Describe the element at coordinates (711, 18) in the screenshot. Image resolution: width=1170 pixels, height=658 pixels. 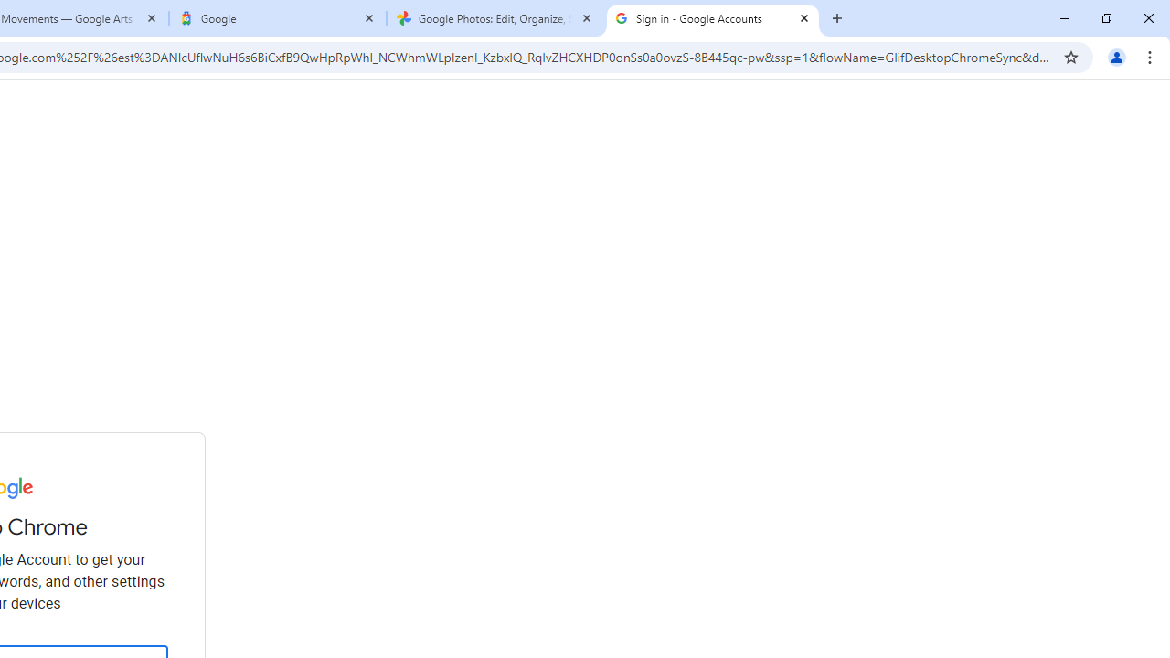
I see `'Sign in - Google Accounts'` at that location.